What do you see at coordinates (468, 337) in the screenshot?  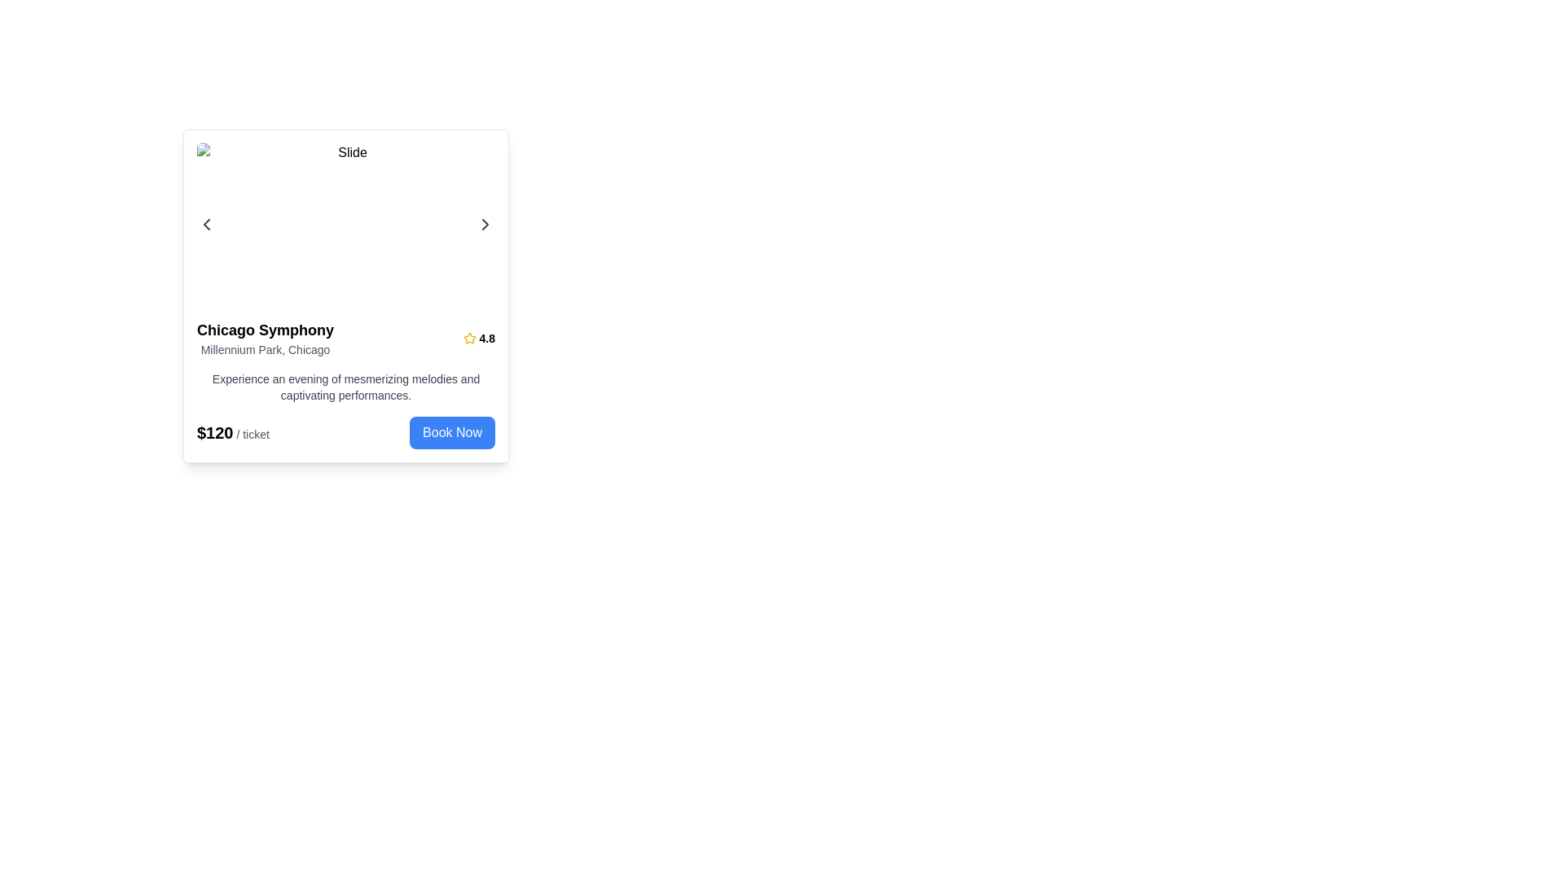 I see `the star icon that visually signifies the user rating, located to the right of the numeric rating text` at bounding box center [468, 337].